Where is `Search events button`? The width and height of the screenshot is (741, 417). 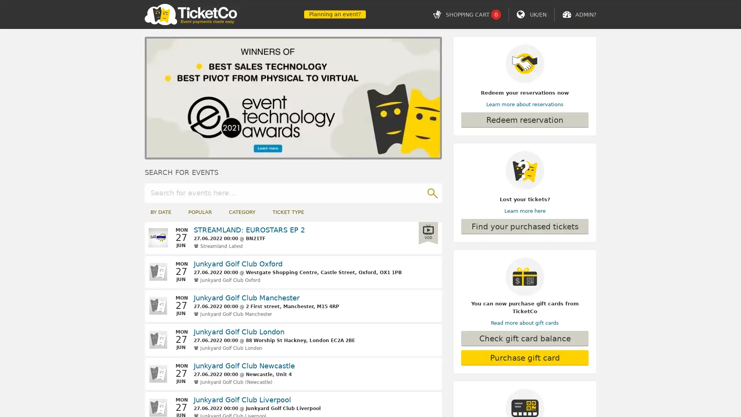 Search events button is located at coordinates (431, 192).